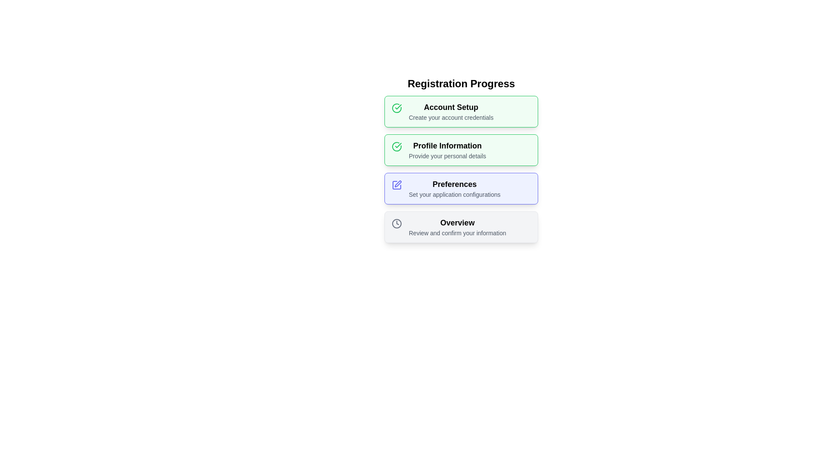  Describe the element at coordinates (396, 223) in the screenshot. I see `the SVG circle graphic that represents the center of the analog clock icon` at that location.